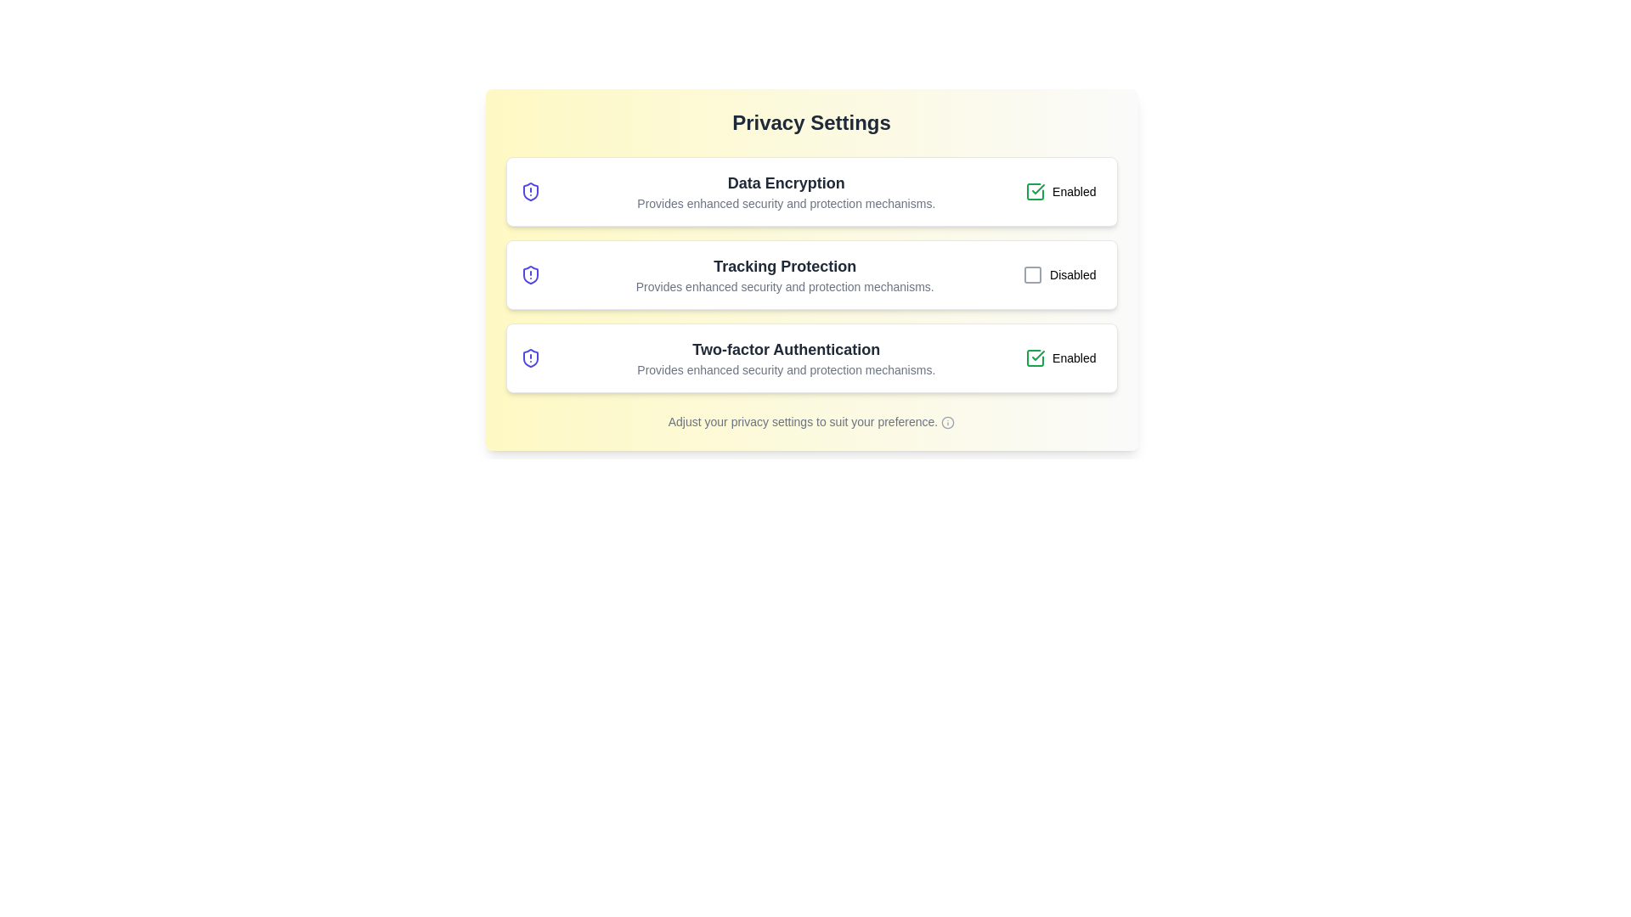 This screenshot has height=917, width=1631. What do you see at coordinates (1072, 274) in the screenshot?
I see `the 'Tracking Protection' status indicator text label, which denotes its disabled state, located to the right of the checkbox icon in the privacy settings section` at bounding box center [1072, 274].